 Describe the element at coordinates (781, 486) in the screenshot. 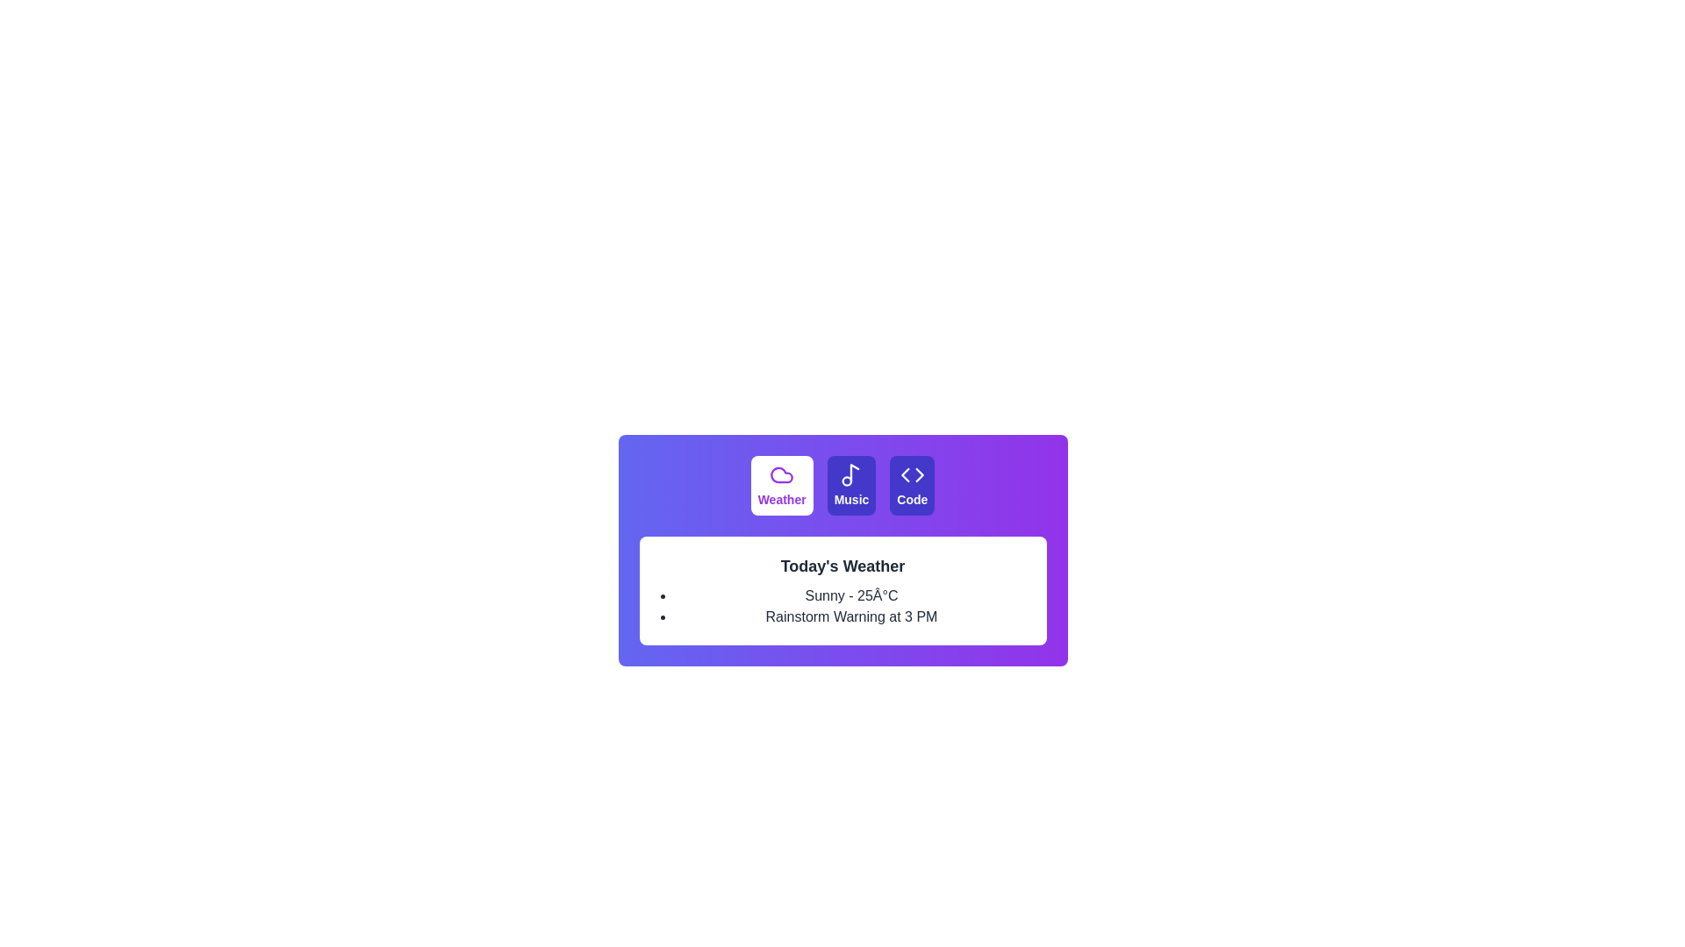

I see `the 'Weather' button, which is the first button in a group of three at the top-center of the interface, featuring a cloud icon and bold purple text` at that location.